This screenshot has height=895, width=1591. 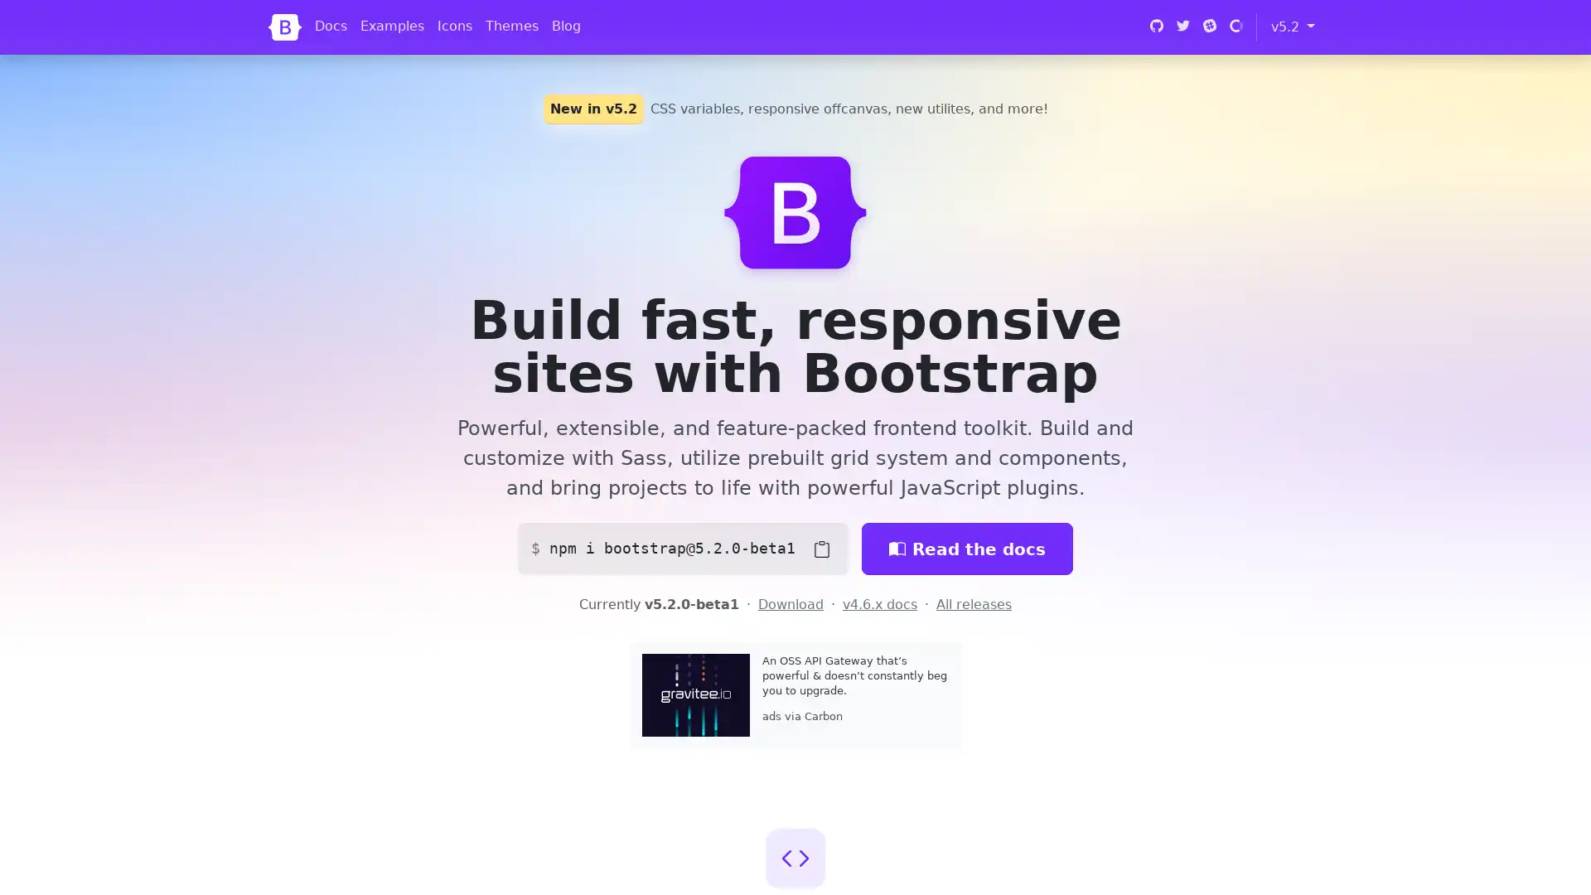 What do you see at coordinates (1292, 27) in the screenshot?
I see `v5.2` at bounding box center [1292, 27].